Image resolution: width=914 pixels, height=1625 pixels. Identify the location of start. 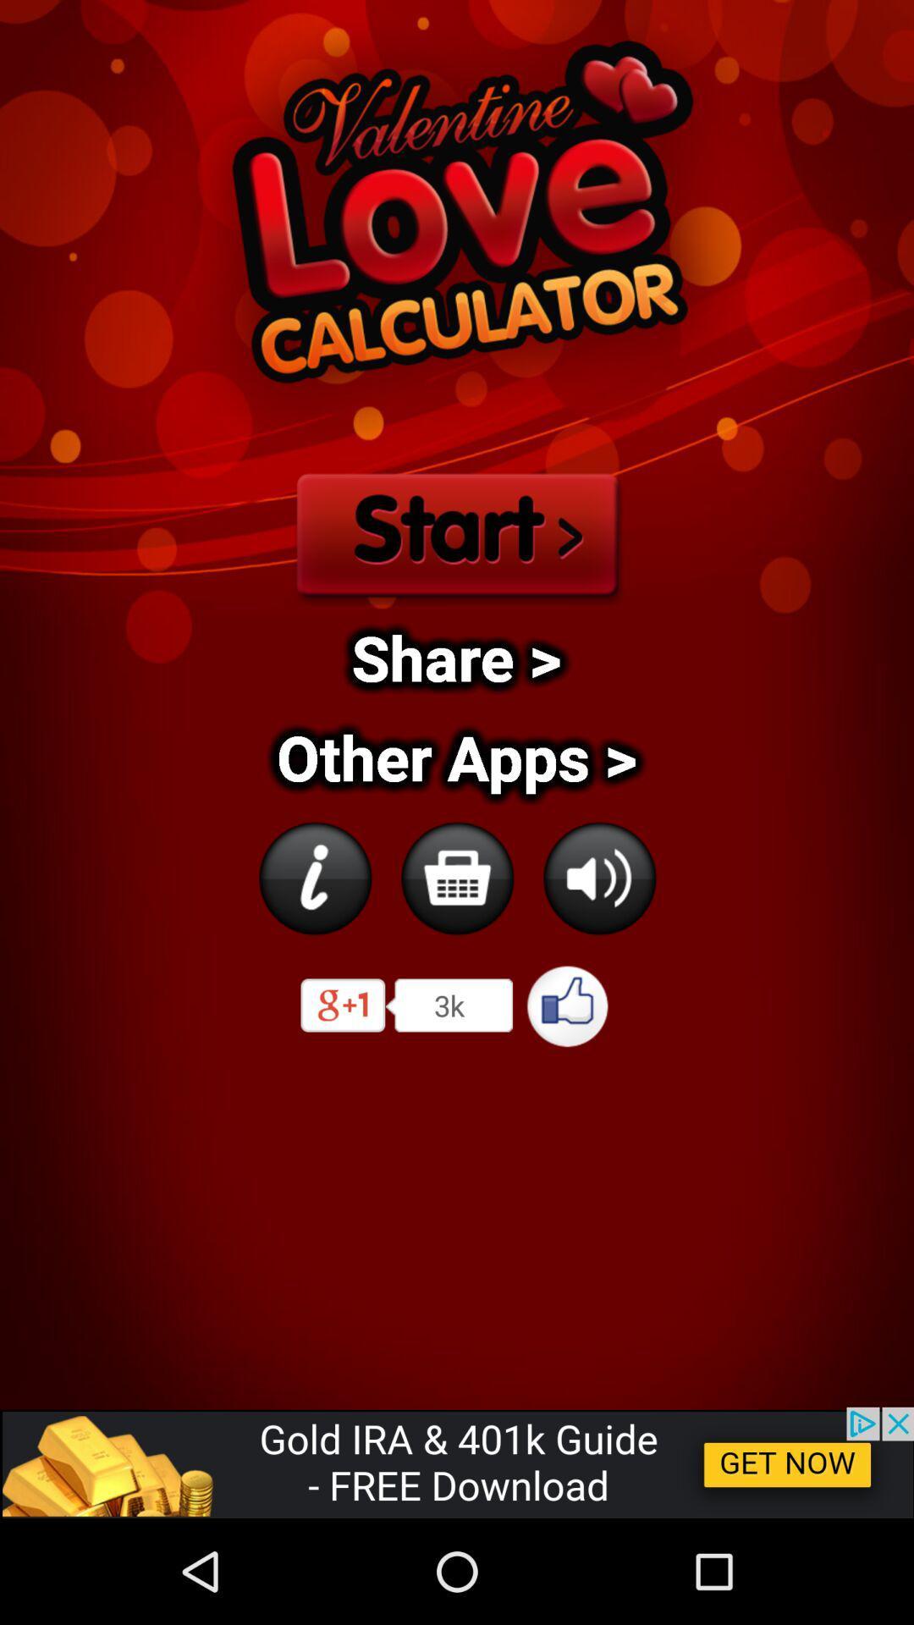
(455, 531).